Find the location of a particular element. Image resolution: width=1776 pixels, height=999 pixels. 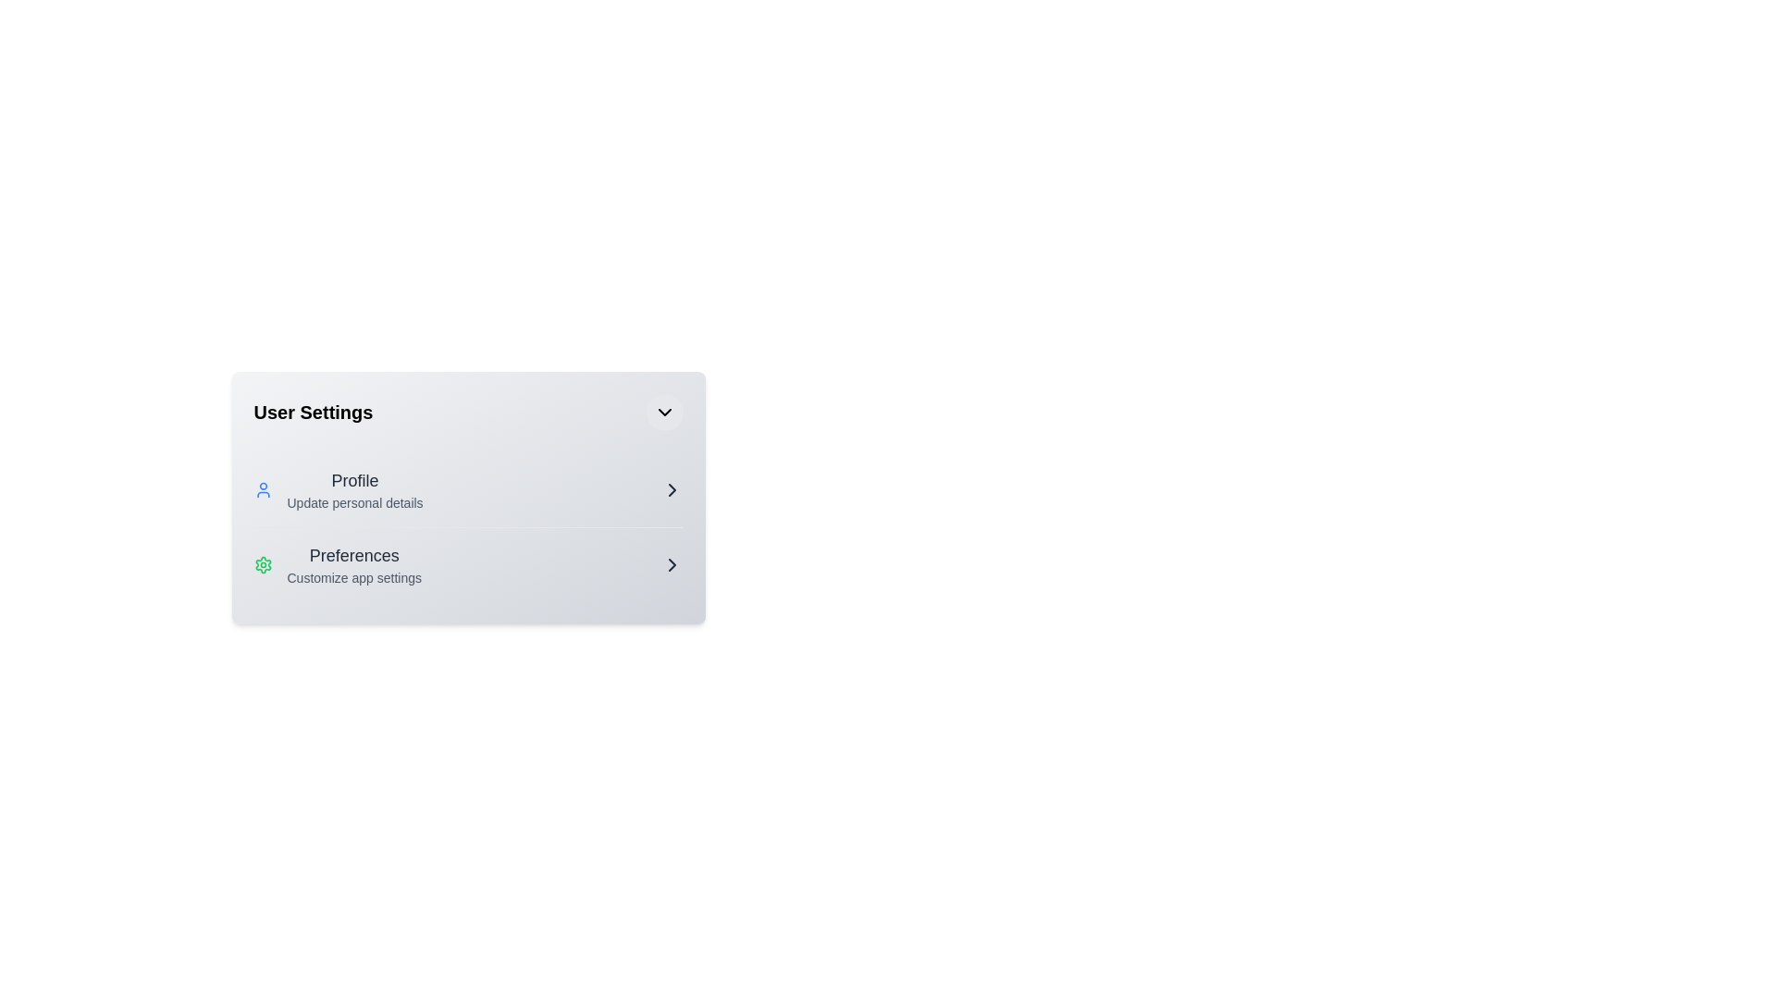

the 'Preferences' title element, which is styled in bold and acts as a heading for the section above the descriptive text 'Customize app settings' is located at coordinates (354, 555).